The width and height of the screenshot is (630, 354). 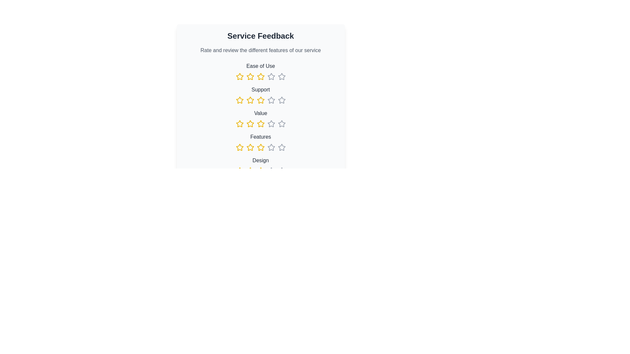 I want to click on the second yellow star icon in the 'Ease of Use' rating section, so click(x=250, y=76).